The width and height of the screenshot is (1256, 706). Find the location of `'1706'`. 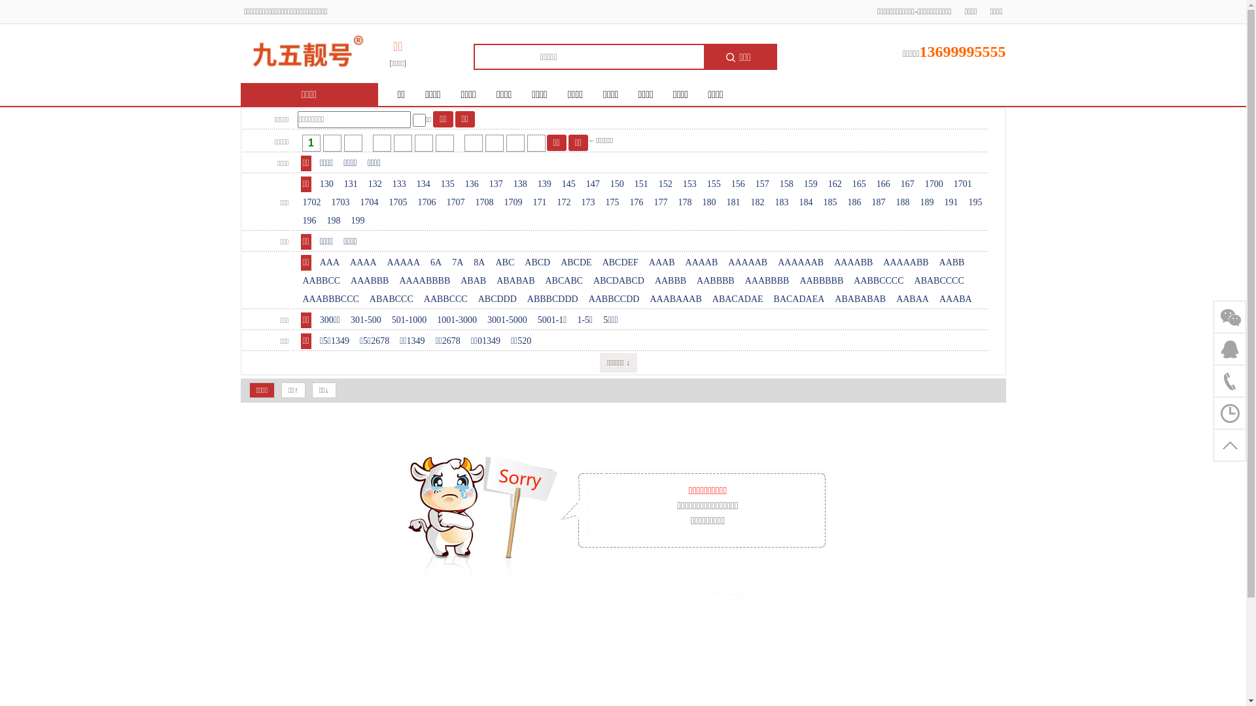

'1706' is located at coordinates (427, 202).